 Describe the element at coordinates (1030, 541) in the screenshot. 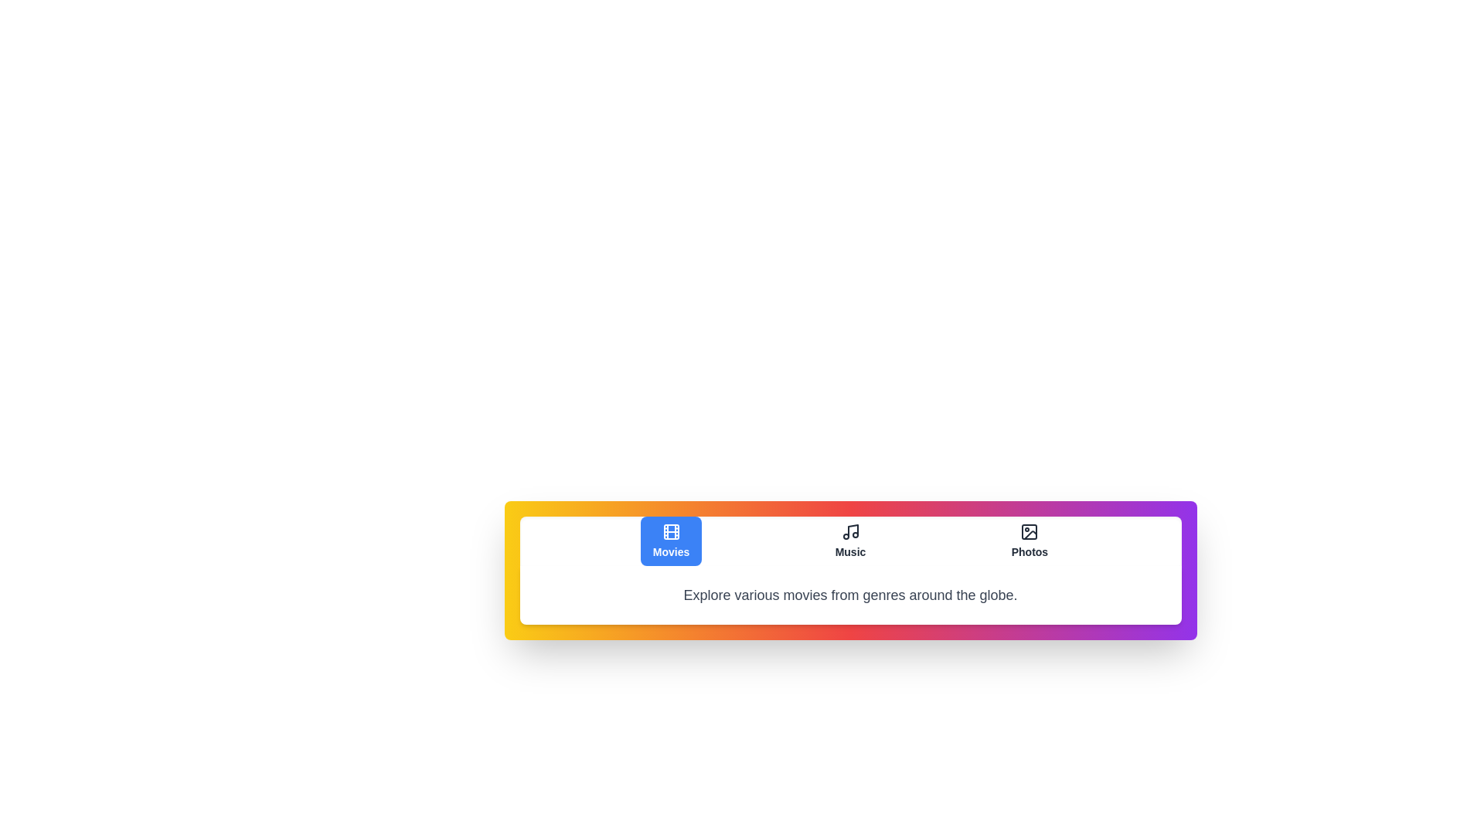

I see `the Photos tab to view its content` at that location.